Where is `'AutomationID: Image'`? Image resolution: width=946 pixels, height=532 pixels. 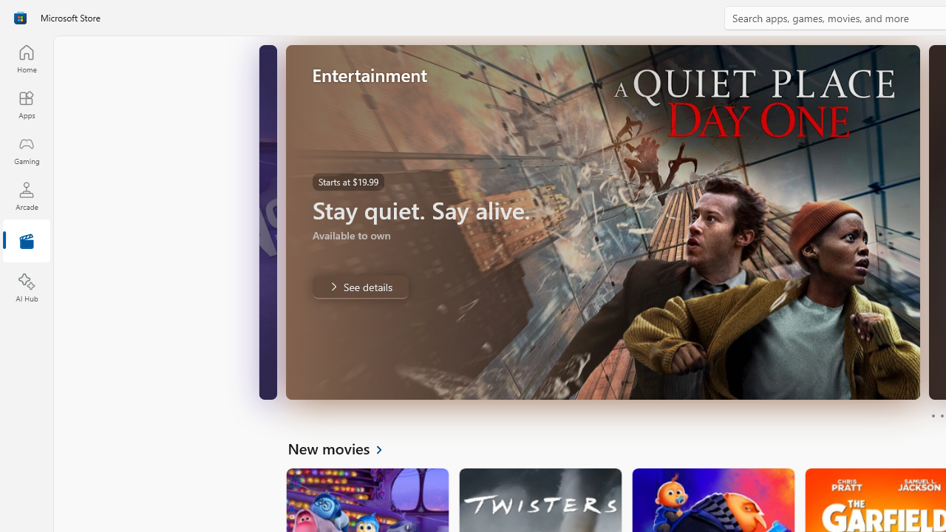 'AutomationID: Image' is located at coordinates (602, 222).